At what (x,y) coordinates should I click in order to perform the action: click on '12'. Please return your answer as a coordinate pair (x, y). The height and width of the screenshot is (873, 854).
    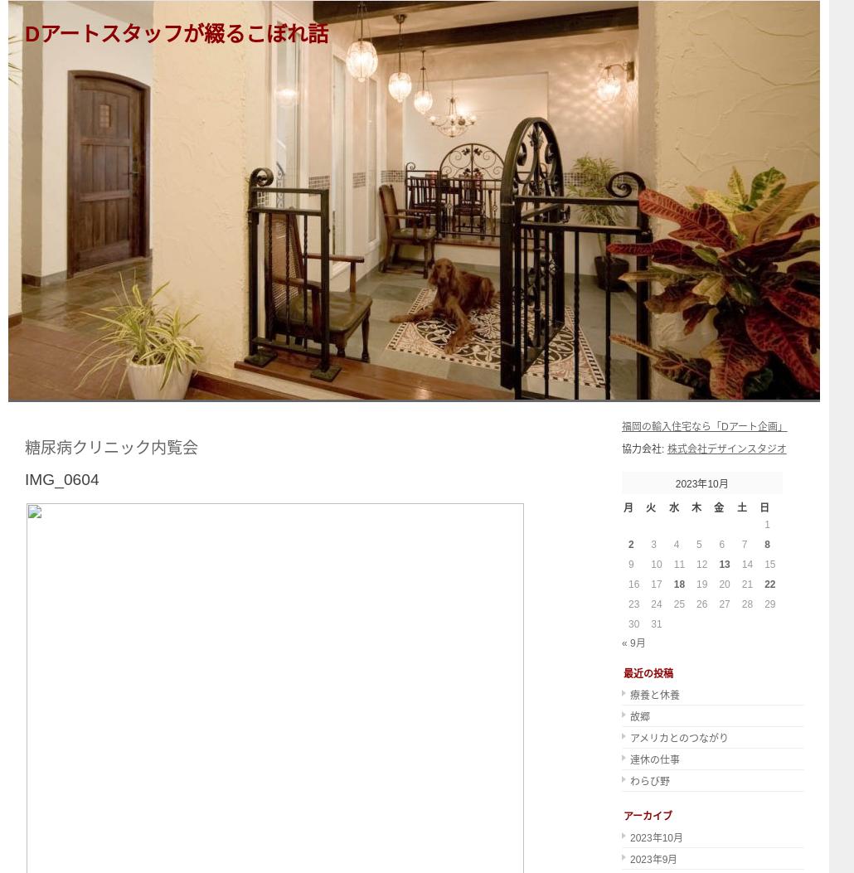
    Looking at the image, I should click on (695, 564).